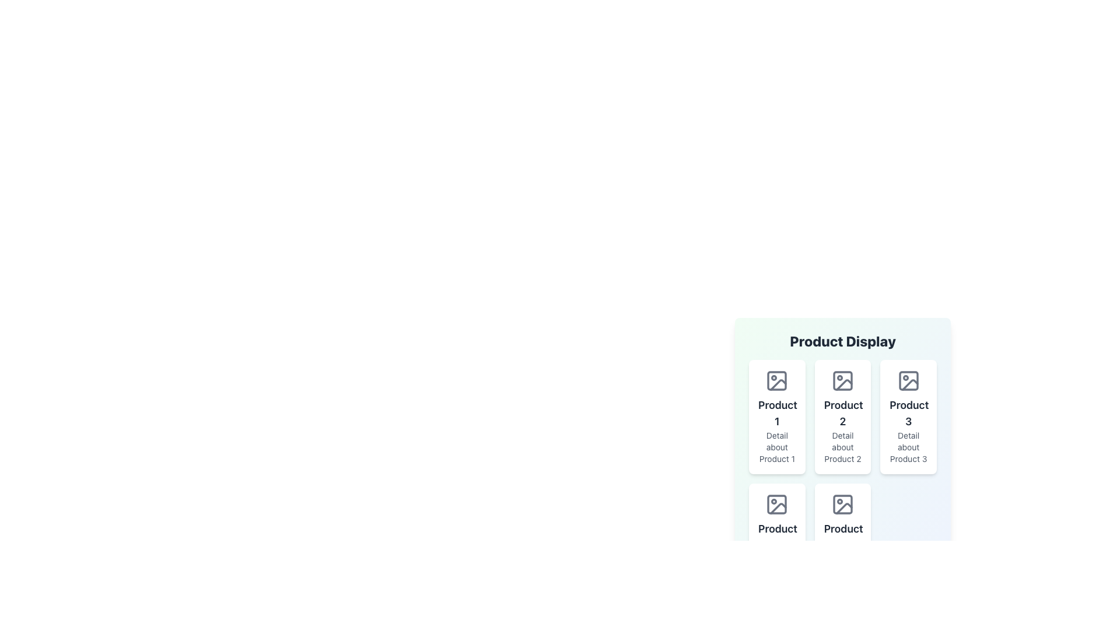 The height and width of the screenshot is (630, 1120). Describe the element at coordinates (844, 508) in the screenshot. I see `the decorative or informative icon within the second product card in the bottom row of the product grid` at that location.